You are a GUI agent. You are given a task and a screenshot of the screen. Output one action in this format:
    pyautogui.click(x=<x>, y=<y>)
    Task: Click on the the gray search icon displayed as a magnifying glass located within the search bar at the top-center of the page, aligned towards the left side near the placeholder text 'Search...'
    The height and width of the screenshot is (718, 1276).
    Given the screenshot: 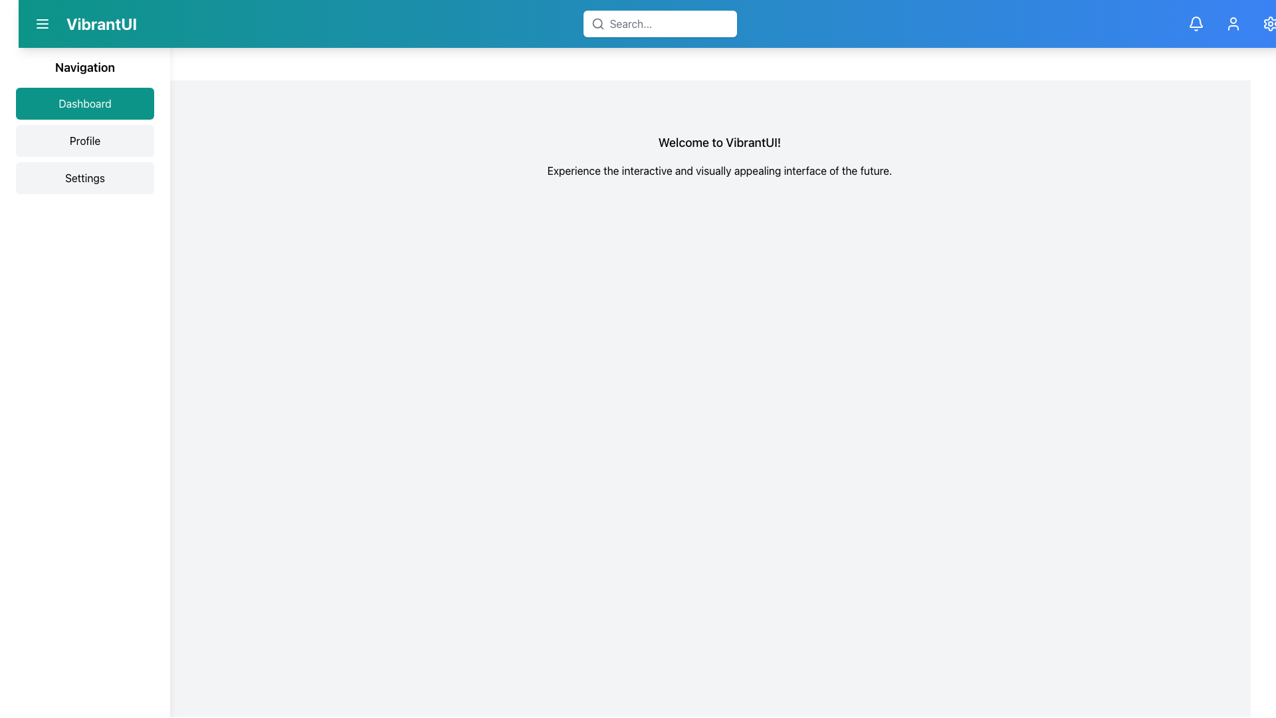 What is the action you would take?
    pyautogui.click(x=597, y=23)
    